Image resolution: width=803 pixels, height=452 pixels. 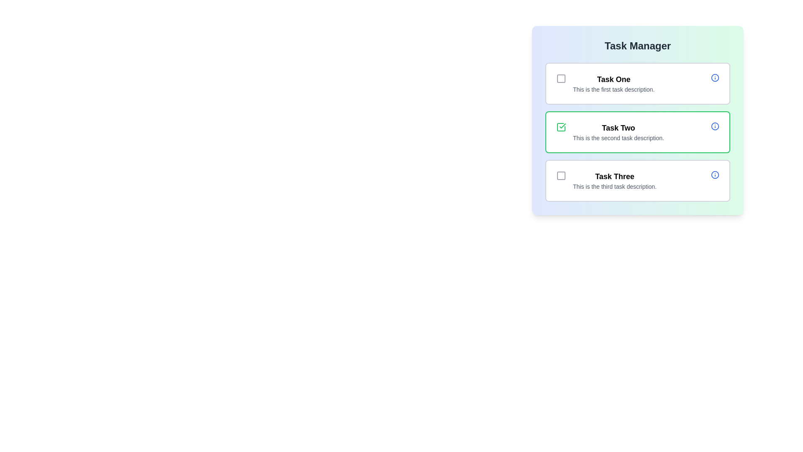 I want to click on the checkbox styled as a checkmark in a square box, so click(x=561, y=127).